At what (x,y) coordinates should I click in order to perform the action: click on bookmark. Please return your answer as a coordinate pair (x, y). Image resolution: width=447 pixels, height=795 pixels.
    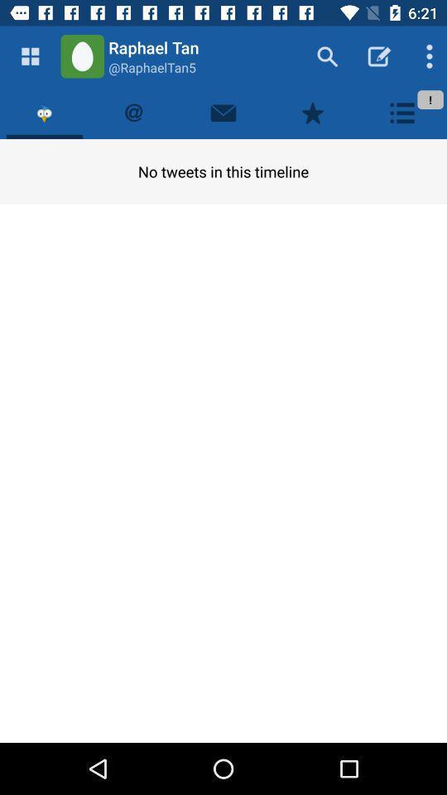
    Looking at the image, I should click on (313, 112).